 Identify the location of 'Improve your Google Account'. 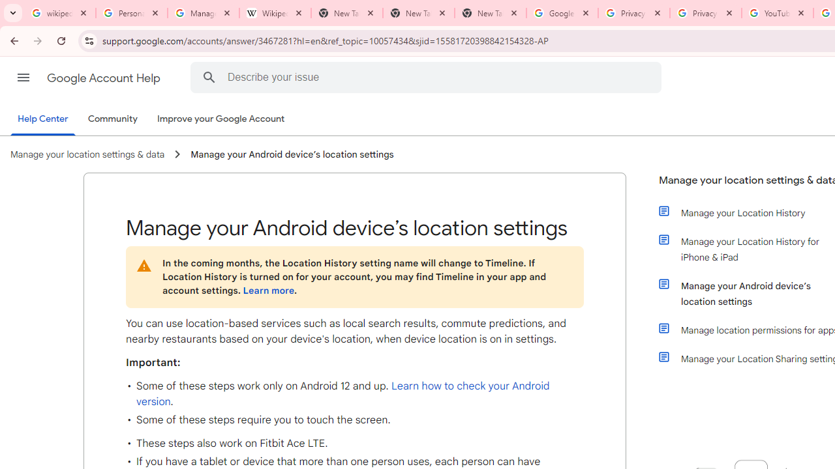
(221, 119).